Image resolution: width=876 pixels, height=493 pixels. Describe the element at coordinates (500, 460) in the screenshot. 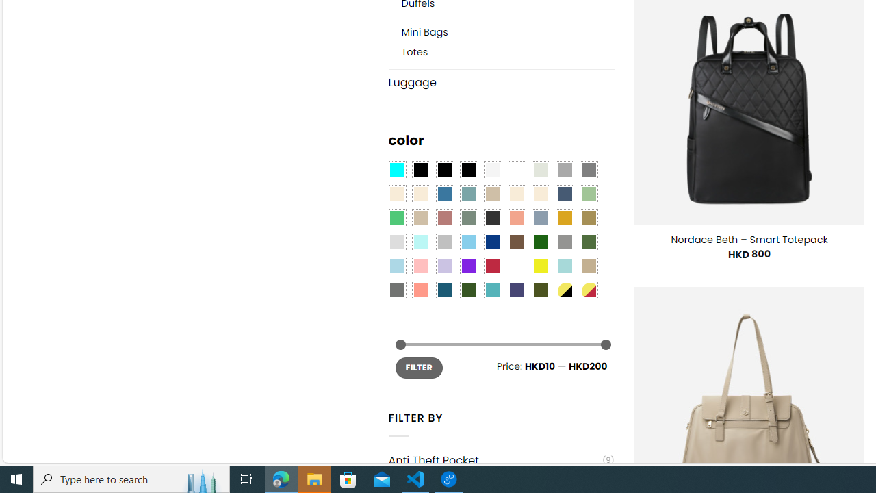

I see `'Anti Theft Pocket(9)'` at that location.